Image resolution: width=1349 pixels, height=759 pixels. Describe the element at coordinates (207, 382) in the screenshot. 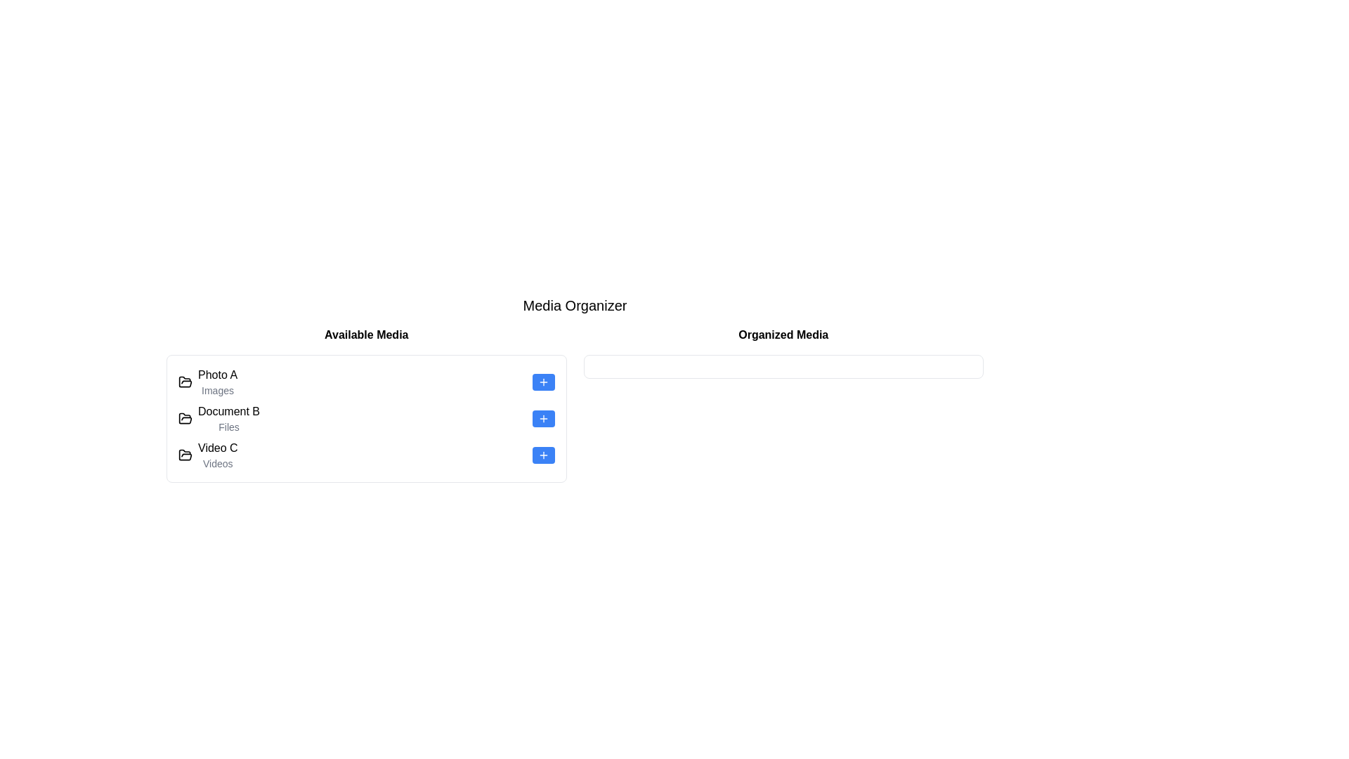

I see `the clickable folder labeled 'Photo A' located at the top-left corner of the 'Available Media' section` at that location.